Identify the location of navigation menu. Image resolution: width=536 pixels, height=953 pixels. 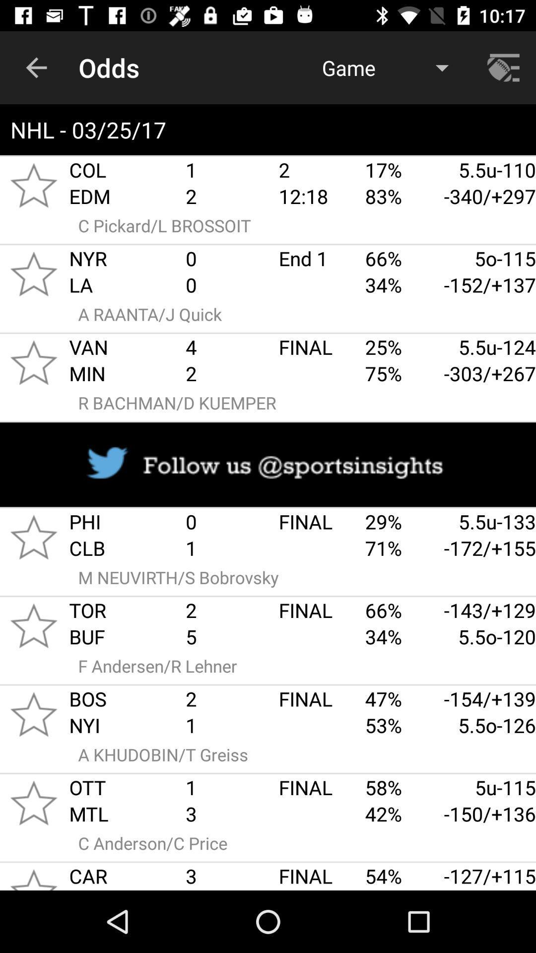
(505, 67).